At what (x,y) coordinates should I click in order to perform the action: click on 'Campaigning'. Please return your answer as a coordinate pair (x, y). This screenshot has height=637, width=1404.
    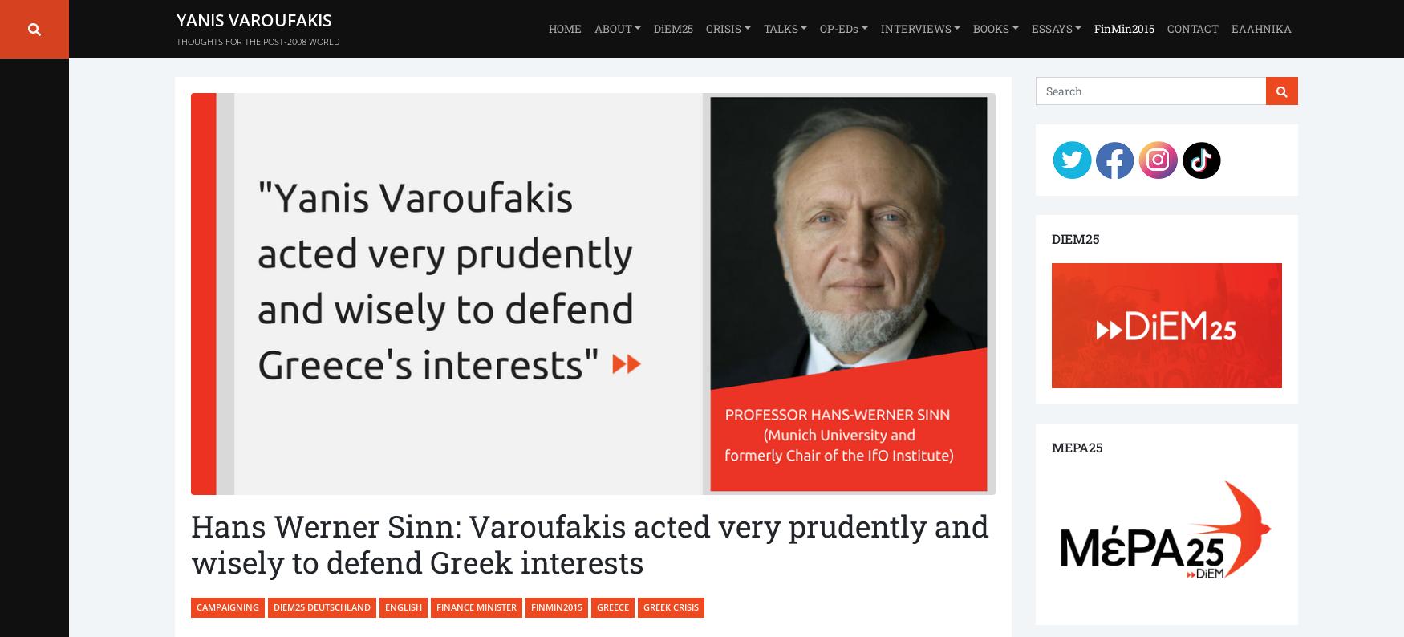
    Looking at the image, I should click on (227, 607).